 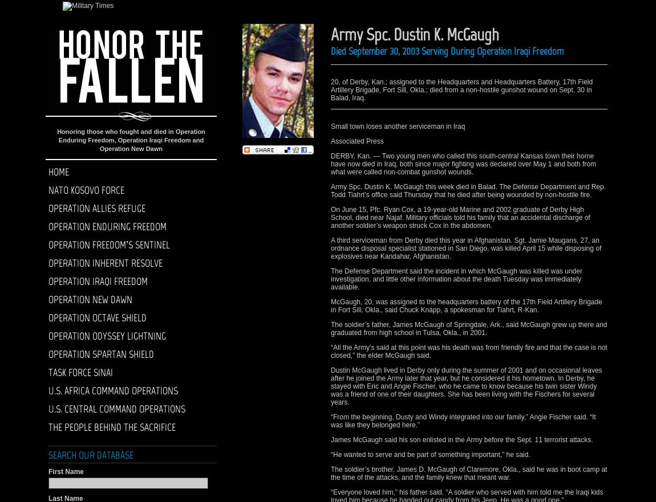 What do you see at coordinates (97, 317) in the screenshot?
I see `'Operation Octave Shield'` at bounding box center [97, 317].